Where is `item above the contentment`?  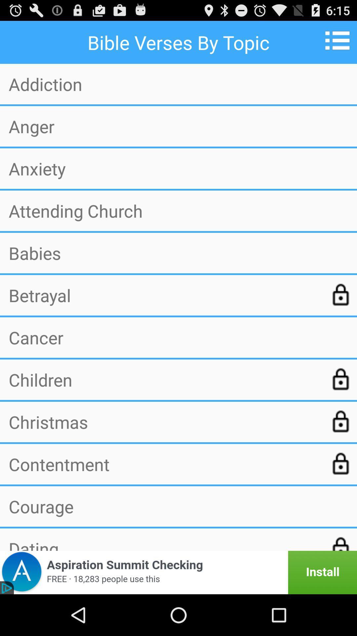
item above the contentment is located at coordinates (164, 421).